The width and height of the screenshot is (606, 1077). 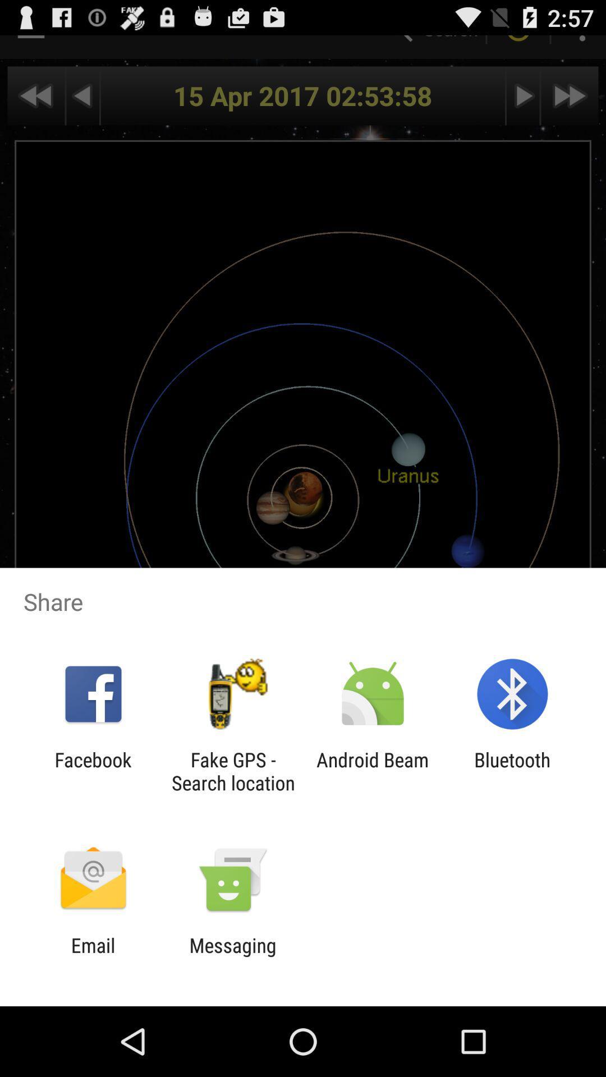 What do you see at coordinates (93, 956) in the screenshot?
I see `icon next to messaging icon` at bounding box center [93, 956].